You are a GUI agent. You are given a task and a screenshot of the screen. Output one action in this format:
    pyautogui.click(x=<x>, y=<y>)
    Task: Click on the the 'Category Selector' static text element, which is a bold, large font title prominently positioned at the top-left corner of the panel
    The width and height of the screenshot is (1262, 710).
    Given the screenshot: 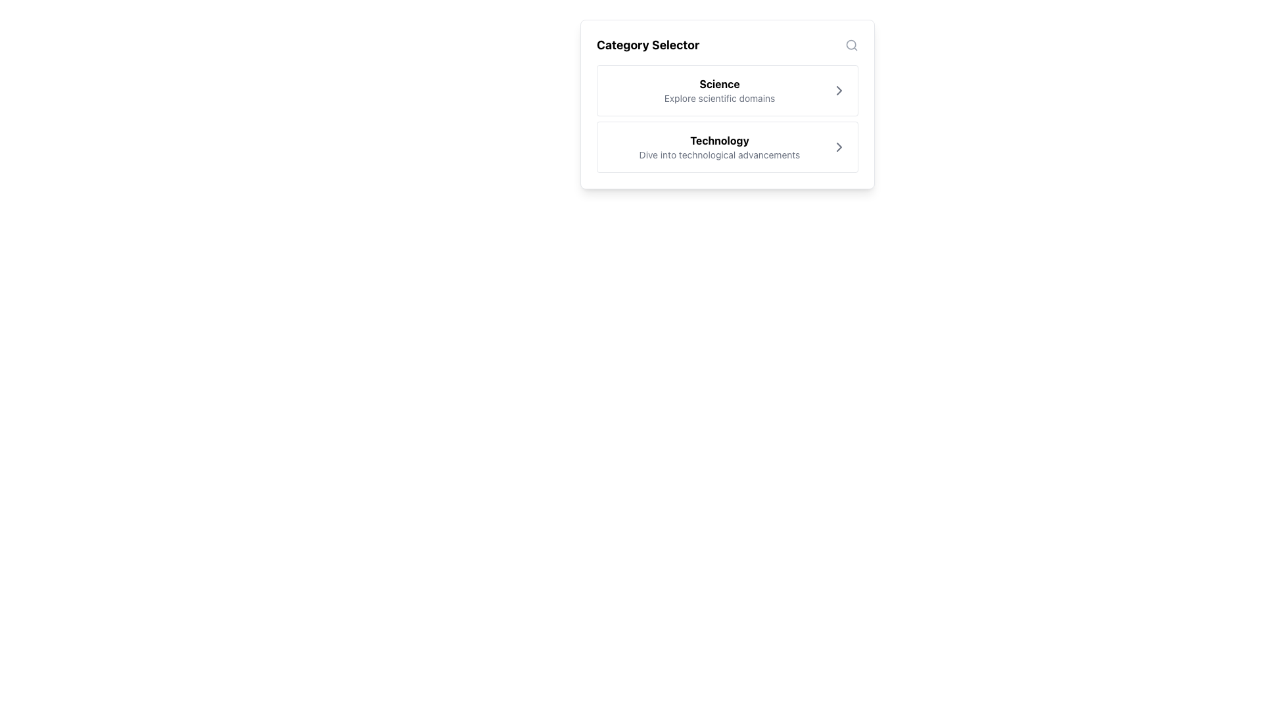 What is the action you would take?
    pyautogui.click(x=648, y=45)
    